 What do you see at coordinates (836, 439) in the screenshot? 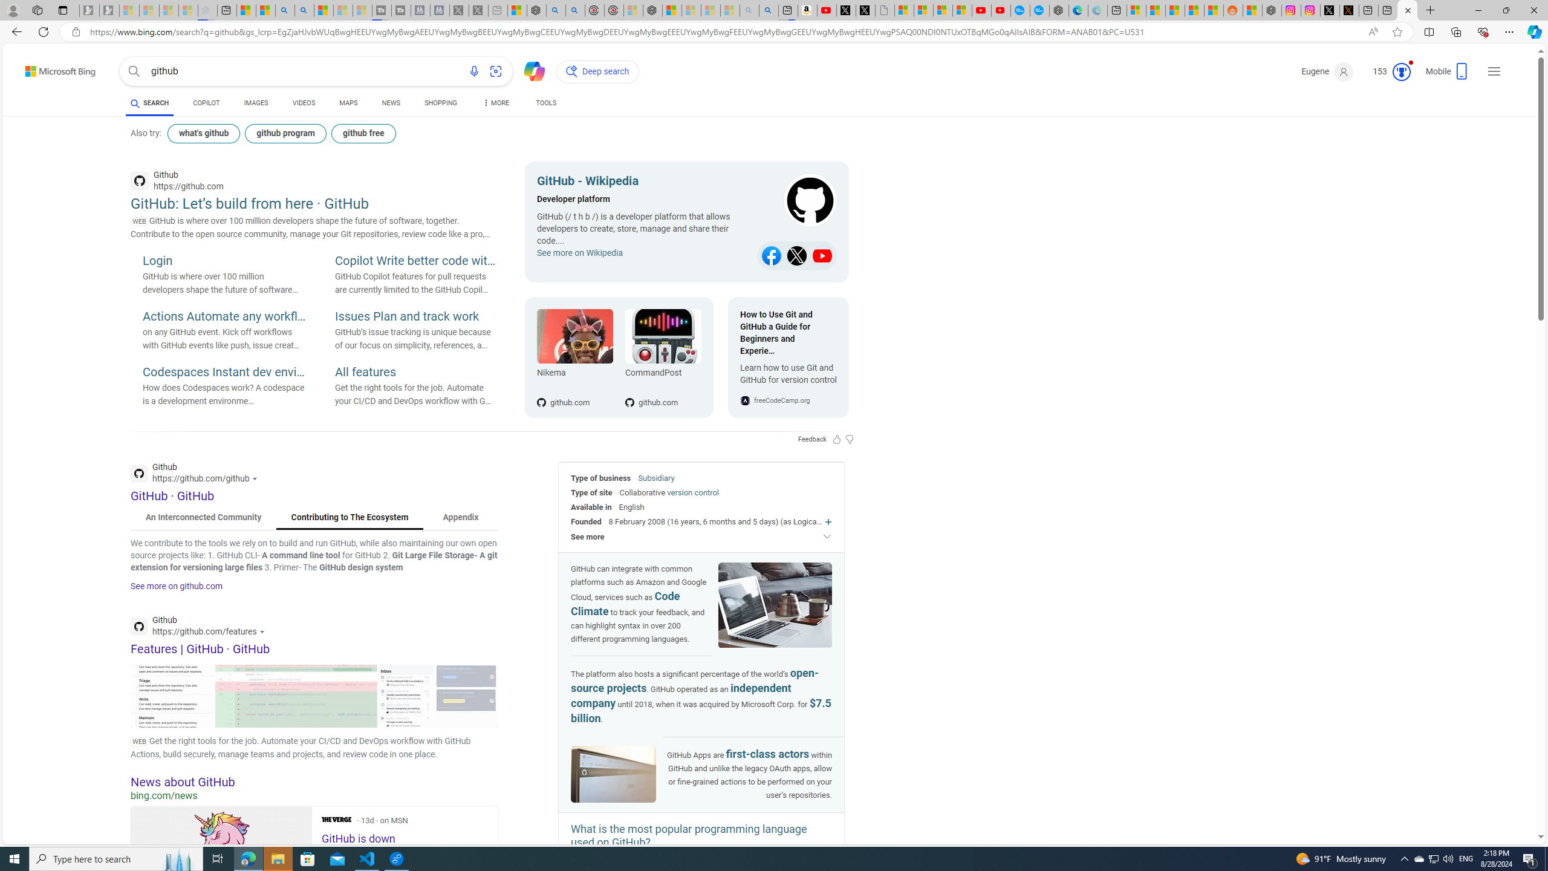
I see `'Feedback Like'` at bounding box center [836, 439].